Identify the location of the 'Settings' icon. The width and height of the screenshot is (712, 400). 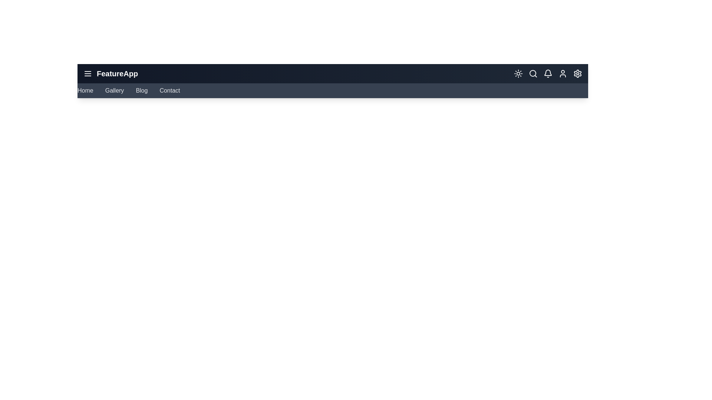
(577, 74).